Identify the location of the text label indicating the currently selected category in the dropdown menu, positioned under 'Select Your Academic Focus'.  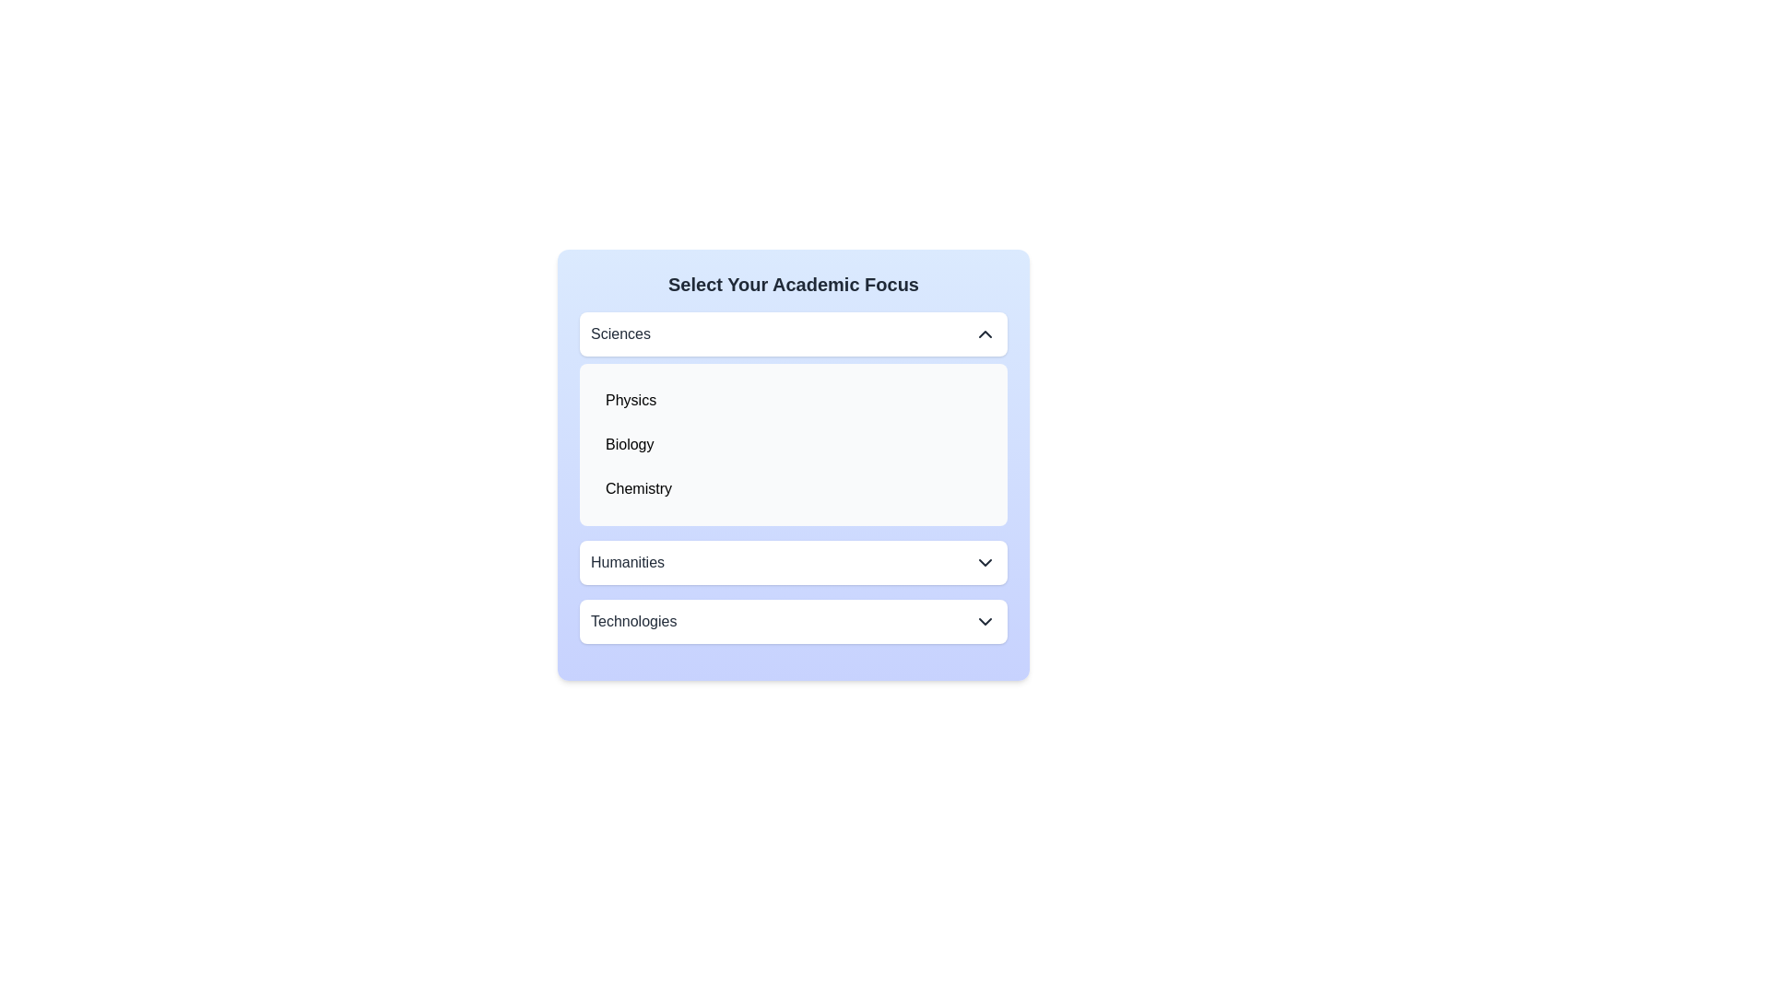
(620, 334).